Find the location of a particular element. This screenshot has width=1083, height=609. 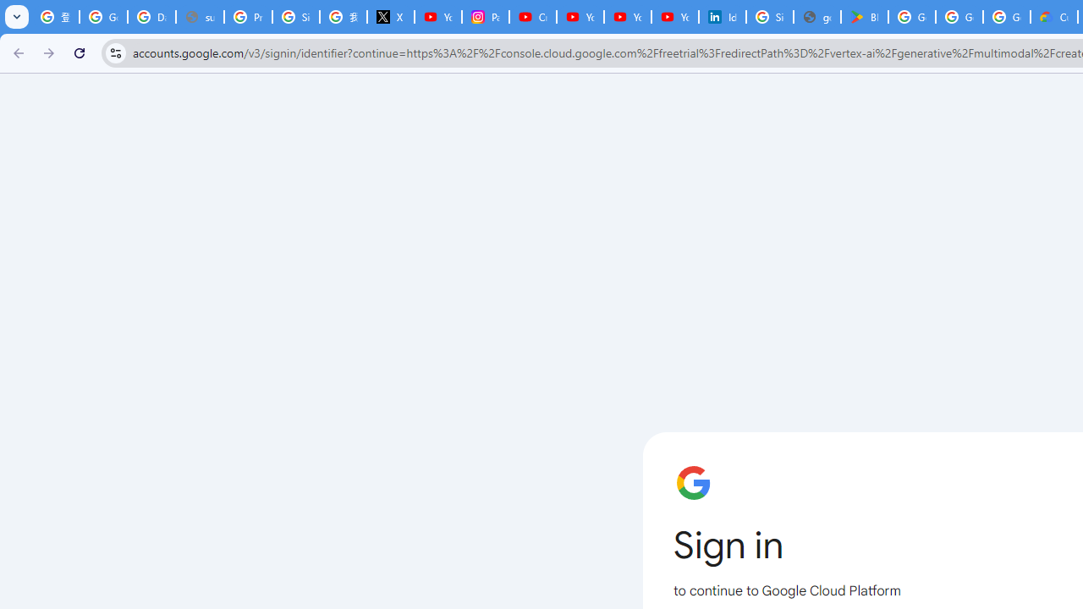

'YouTube Culture & Trends - YouTube Top 10, 2021' is located at coordinates (627, 17).